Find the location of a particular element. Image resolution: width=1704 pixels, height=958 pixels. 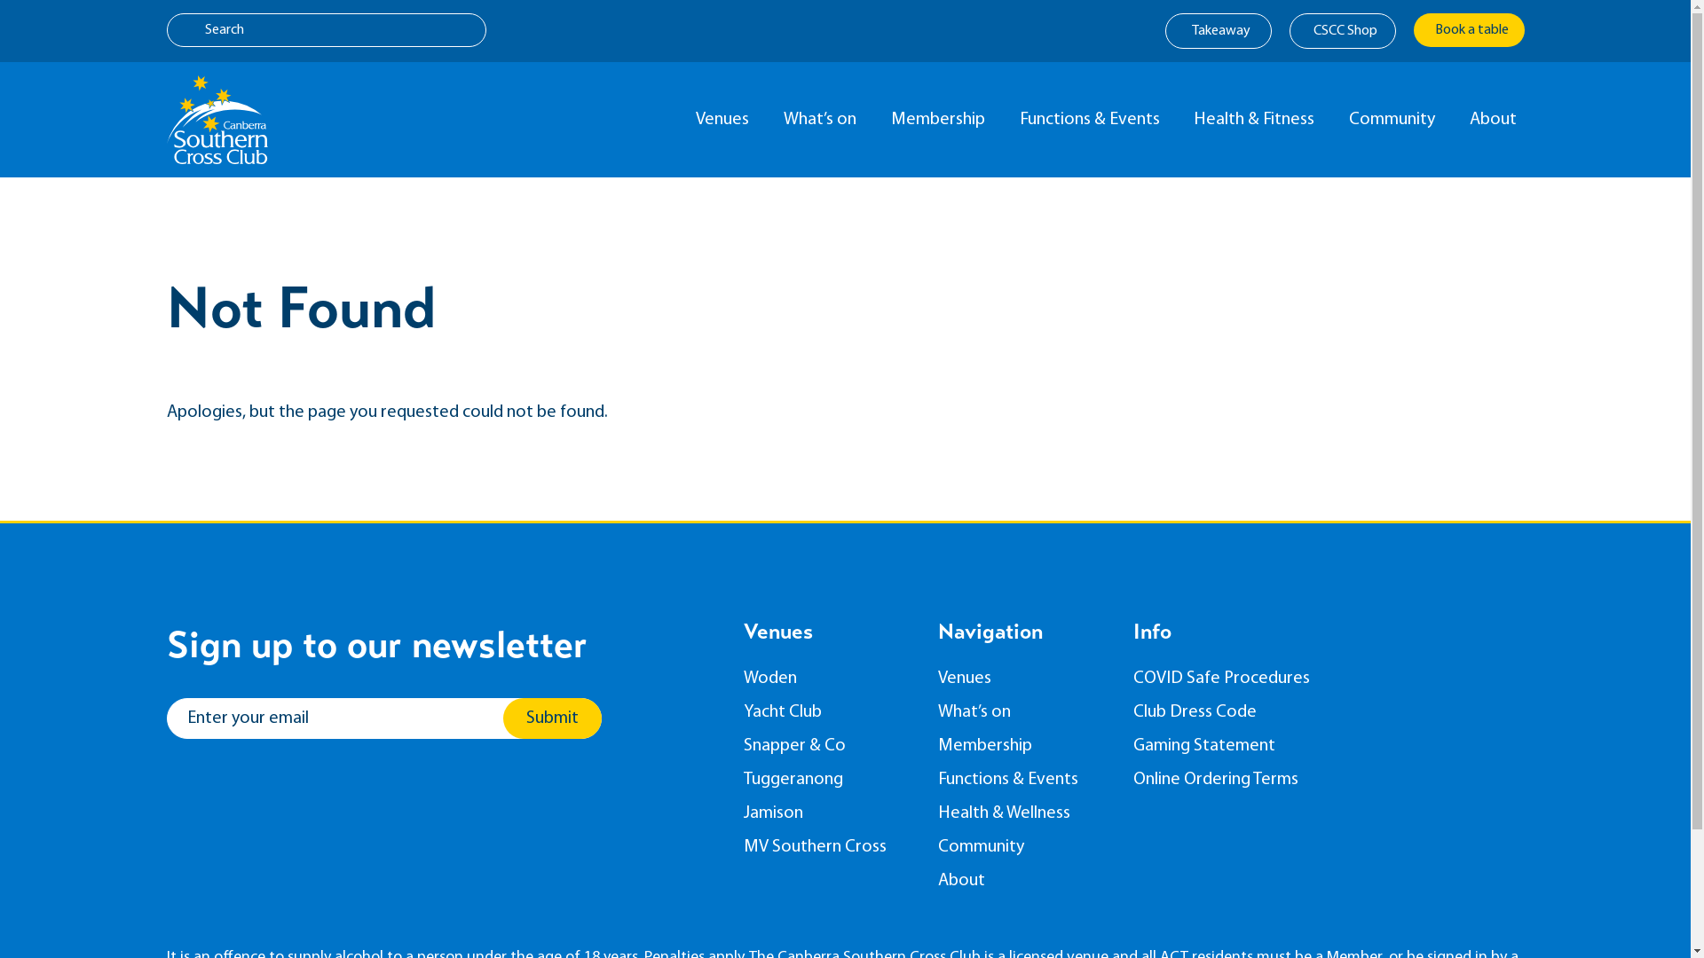

'Community' is located at coordinates (1022, 846).